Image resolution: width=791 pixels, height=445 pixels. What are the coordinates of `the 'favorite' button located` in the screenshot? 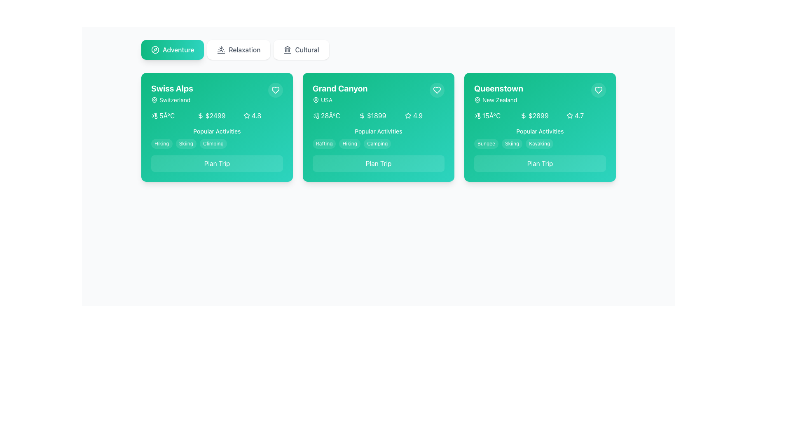 It's located at (599, 90).